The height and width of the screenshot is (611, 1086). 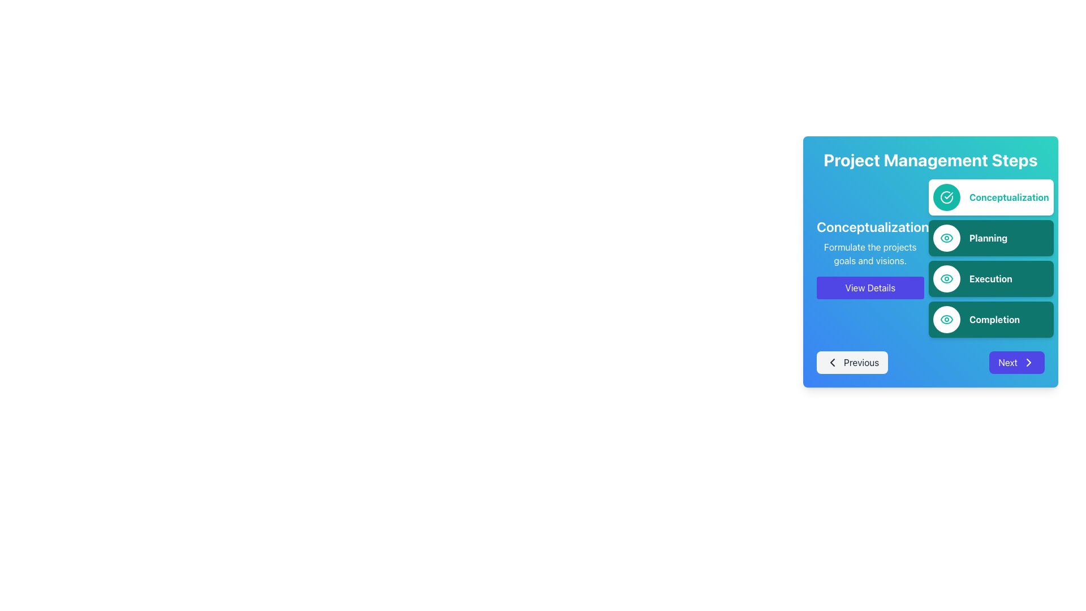 What do you see at coordinates (1009, 196) in the screenshot?
I see `the Text Label that represents the title of a step in the project management workflow, which is positioned to the right of a circular check mark icon` at bounding box center [1009, 196].